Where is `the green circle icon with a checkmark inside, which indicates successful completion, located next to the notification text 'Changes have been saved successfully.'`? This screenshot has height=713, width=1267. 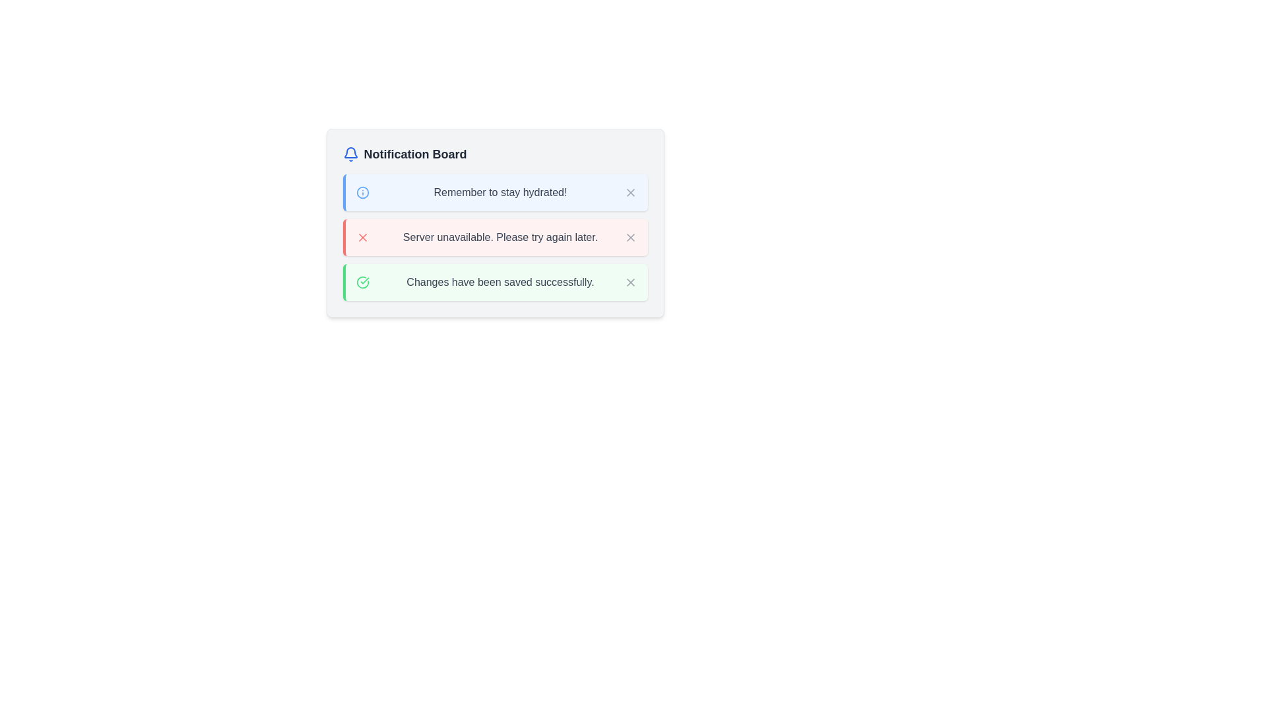
the green circle icon with a checkmark inside, which indicates successful completion, located next to the notification text 'Changes have been saved successfully.' is located at coordinates (362, 282).